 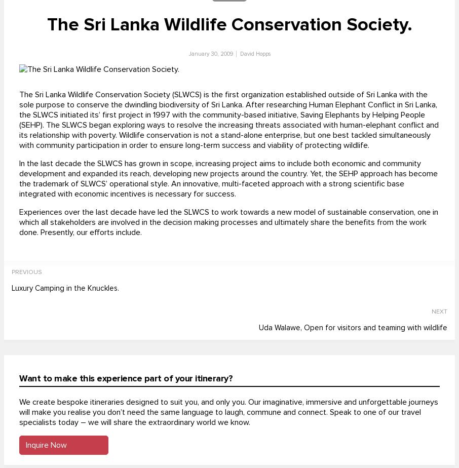 I want to click on 'The Sri Lanka Wildlife Conservation Society (SLWCS) is  the first organization established outside of Sri Lanka with the sole purpose to  conserve the dwindling biodiversity of Sri Lanka. After researching Human  Elephant Conflict in Sri Lanka, the SLWCS initiated its’ first project in 1997  with the community-based initiative, Saving Elephants by Helping People (SEHP).  The SLWCS began exploring ways to resolve the increasing threats associated with  human-elephant conflict and its relationship with poverty. Wildlife conservation  is not a stand-alone enterprise, but one best tackled simultaneously with  community participation in order to ensure long-term success and viability of  protecting wildlife.', so click(x=229, y=120).